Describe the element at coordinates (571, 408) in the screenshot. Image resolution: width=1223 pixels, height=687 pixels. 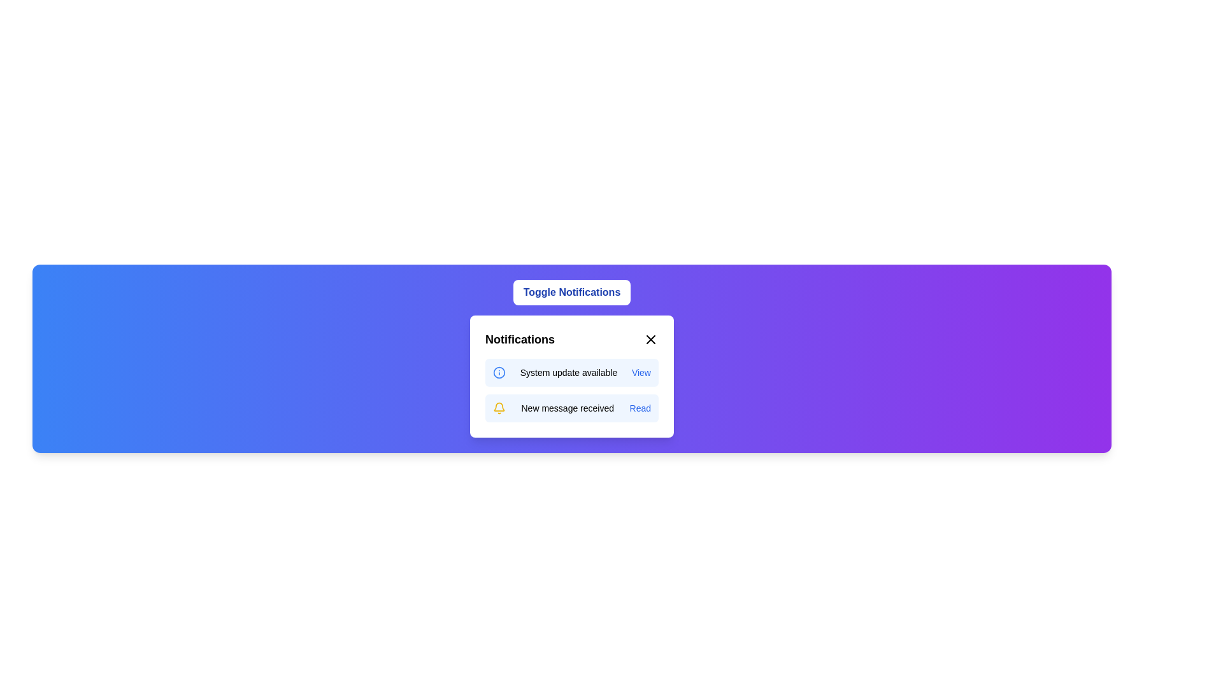
I see `the second notification item in the notification box` at that location.